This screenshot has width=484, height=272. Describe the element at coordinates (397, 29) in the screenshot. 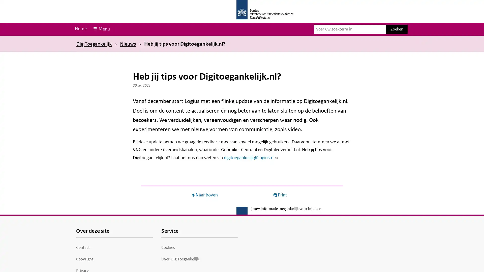

I see `Zoeken` at that location.